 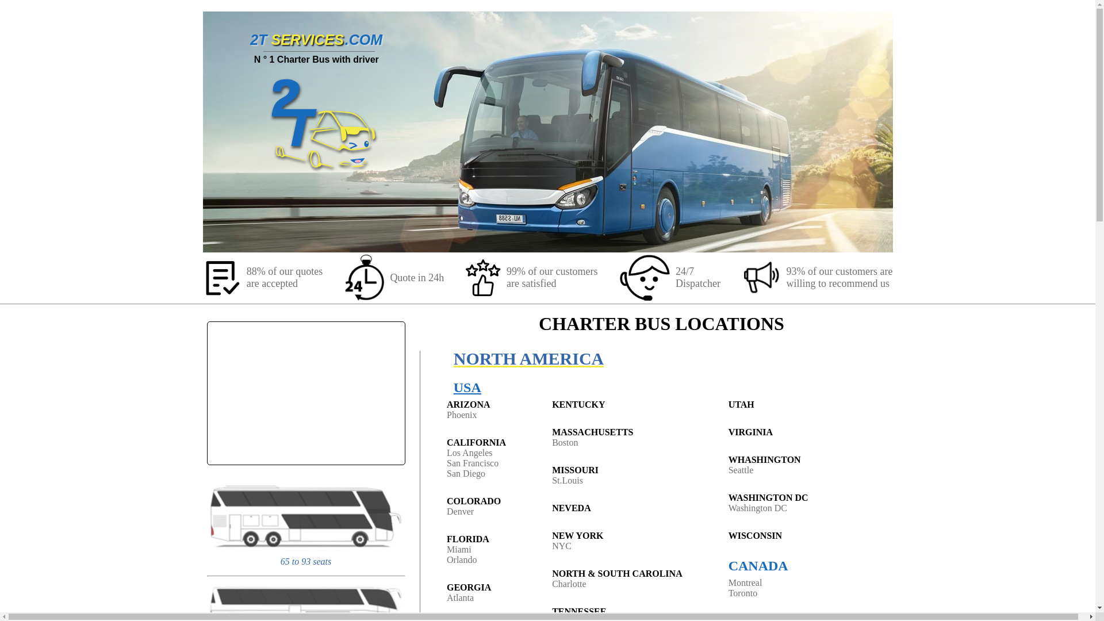 I want to click on 'San Diego', so click(x=466, y=473).